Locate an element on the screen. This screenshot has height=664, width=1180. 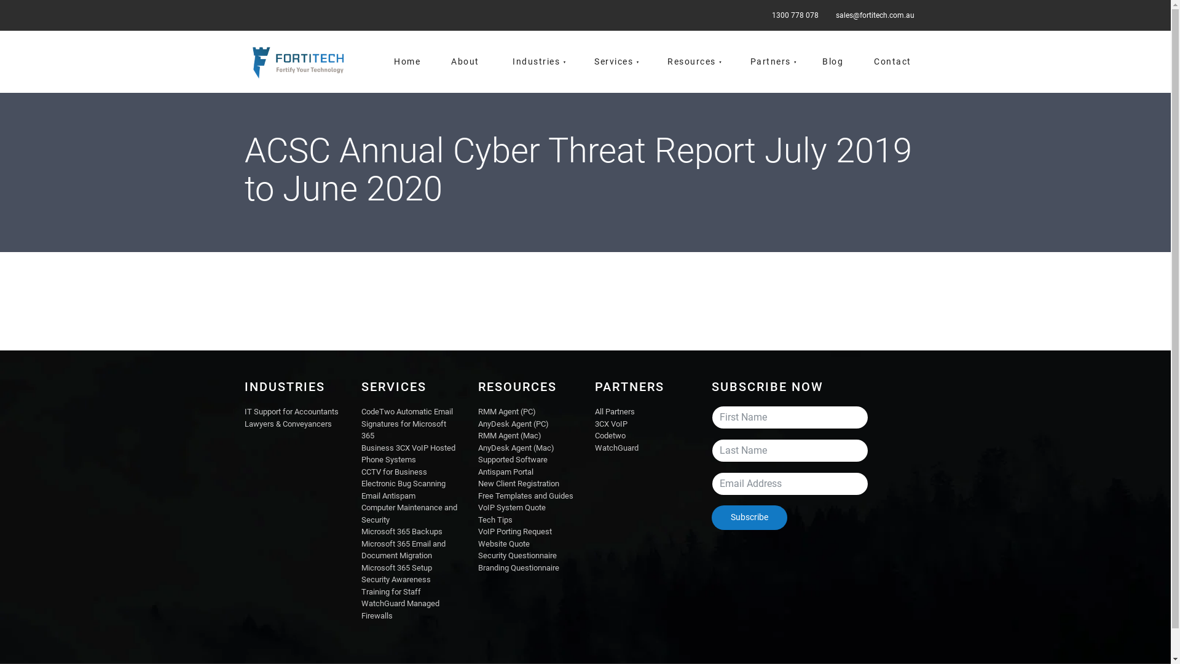
'Security Questionnaire' is located at coordinates (517, 555).